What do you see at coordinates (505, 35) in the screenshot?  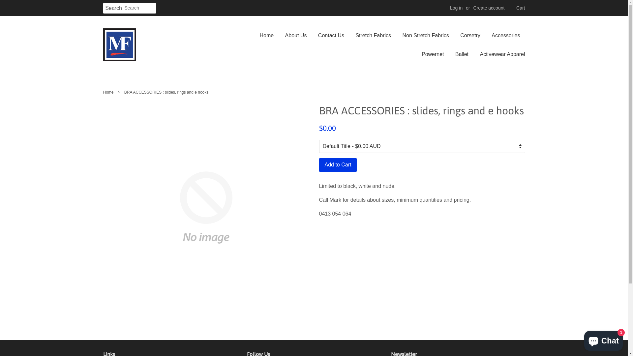 I see `'Accessories'` at bounding box center [505, 35].